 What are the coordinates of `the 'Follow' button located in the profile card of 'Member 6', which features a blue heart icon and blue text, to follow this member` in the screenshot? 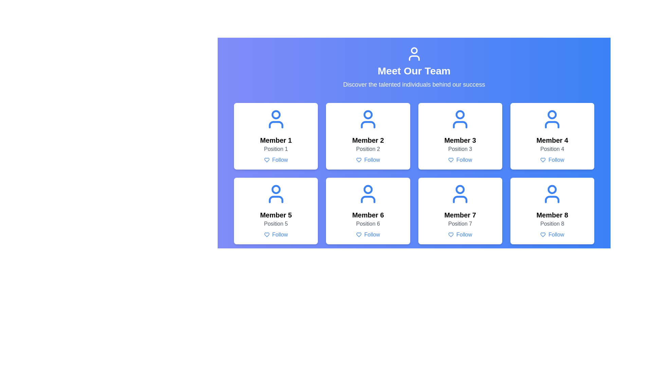 It's located at (367, 234).